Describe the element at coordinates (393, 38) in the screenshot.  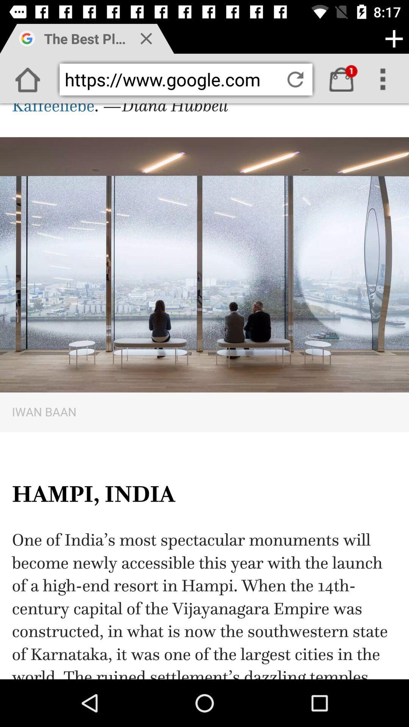
I see `new tab` at that location.